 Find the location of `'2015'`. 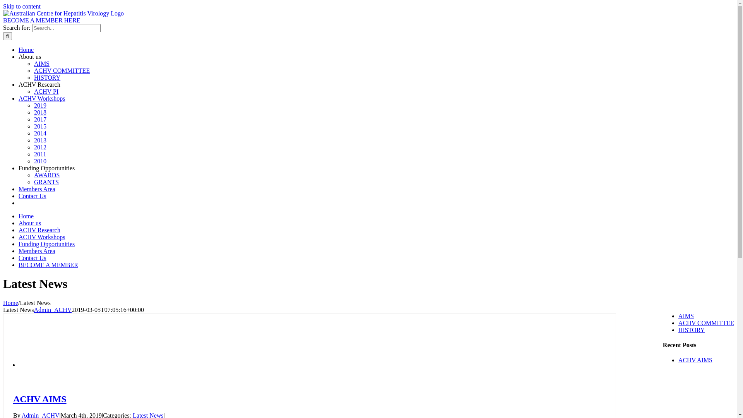

'2015' is located at coordinates (33, 126).